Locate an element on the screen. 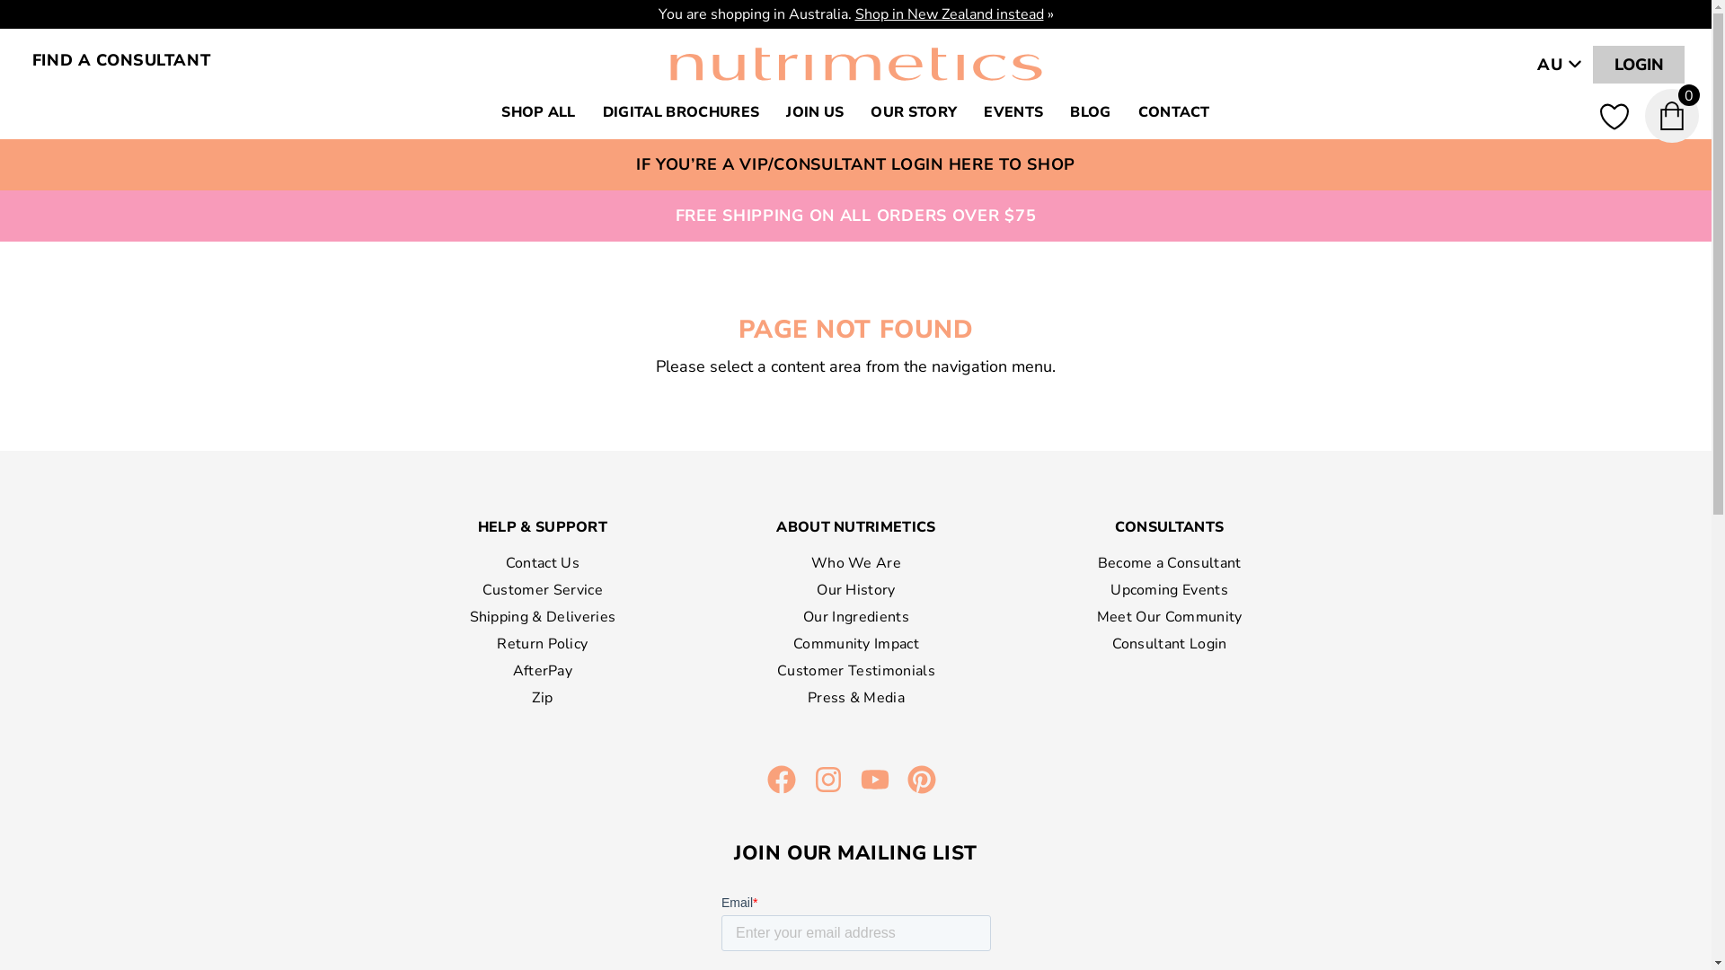 Image resolution: width=1725 pixels, height=970 pixels. 'CONSULTANTS' is located at coordinates (1169, 525).